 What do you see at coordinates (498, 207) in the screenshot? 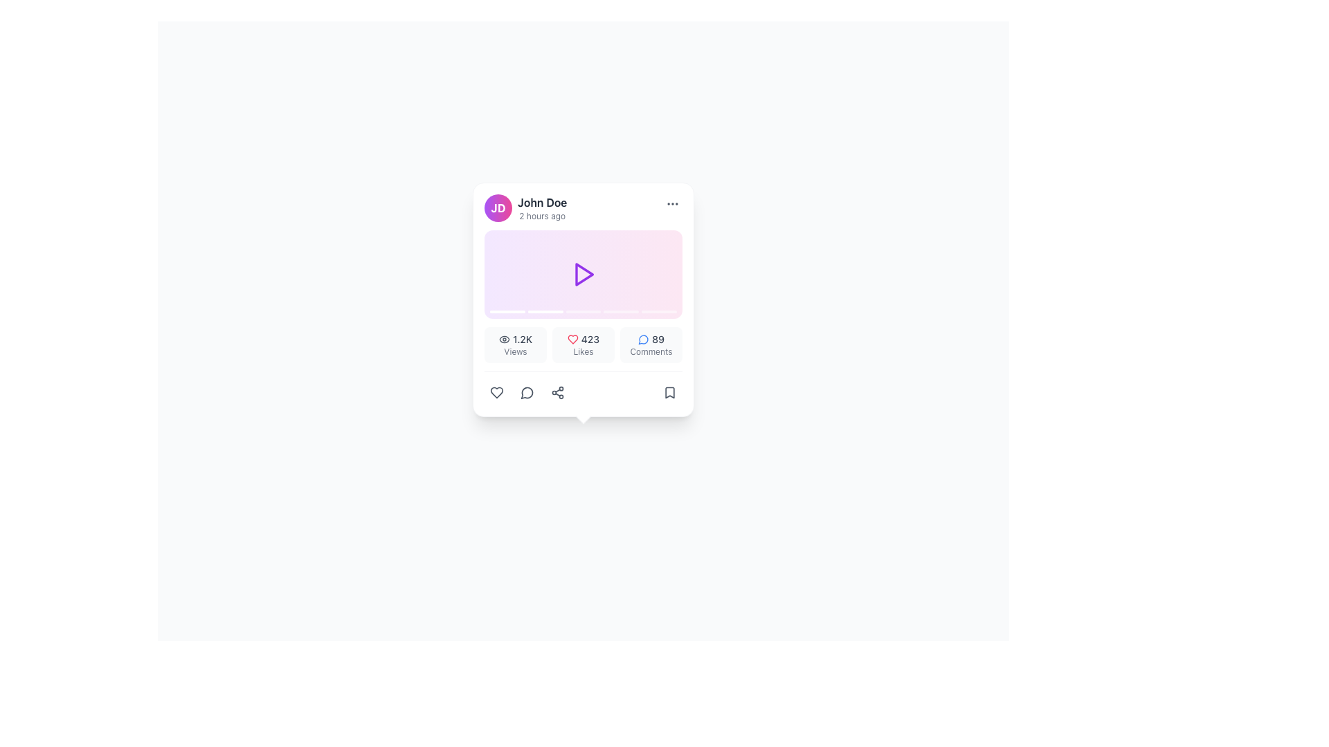
I see `the user avatar or profile badge located at the top-left corner of the user information layout` at bounding box center [498, 207].